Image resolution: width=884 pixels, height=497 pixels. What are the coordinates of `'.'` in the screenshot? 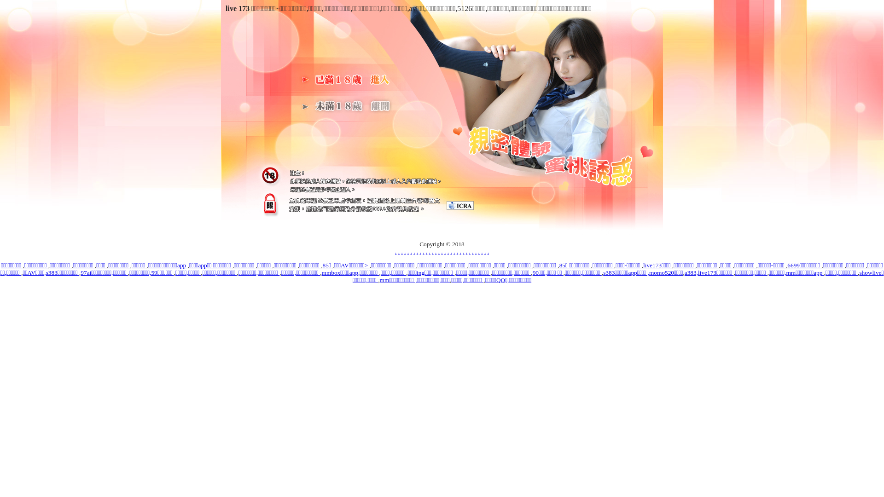 It's located at (466, 251).